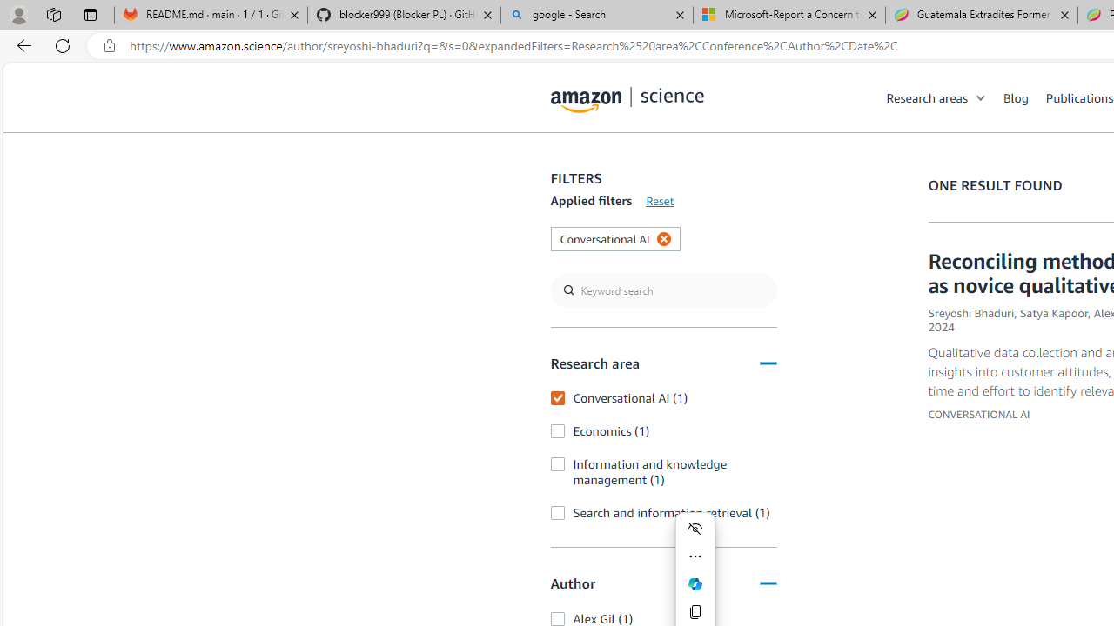 Image resolution: width=1114 pixels, height=626 pixels. I want to click on 'amazon-science-logo.svg', so click(627, 100).